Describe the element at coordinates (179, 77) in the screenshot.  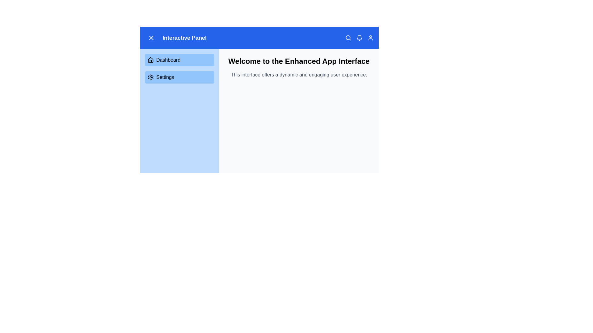
I see `the 'Settings' button, which is a rectangular button with rounded corners and a blue background, located in the sidebar below the 'Dashboard' button` at that location.